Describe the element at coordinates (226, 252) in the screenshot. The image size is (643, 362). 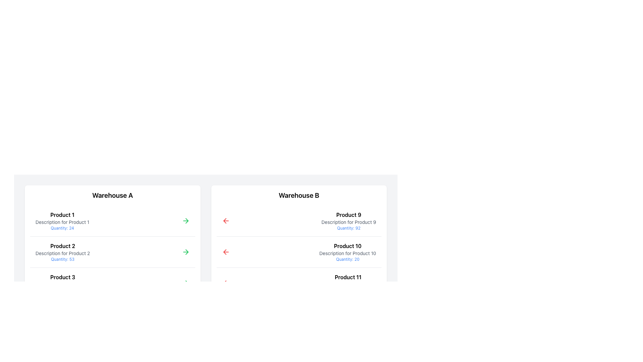
I see `the navigational arrow button located on the left side of the content section for 'Product 10' in Warehouse B` at that location.